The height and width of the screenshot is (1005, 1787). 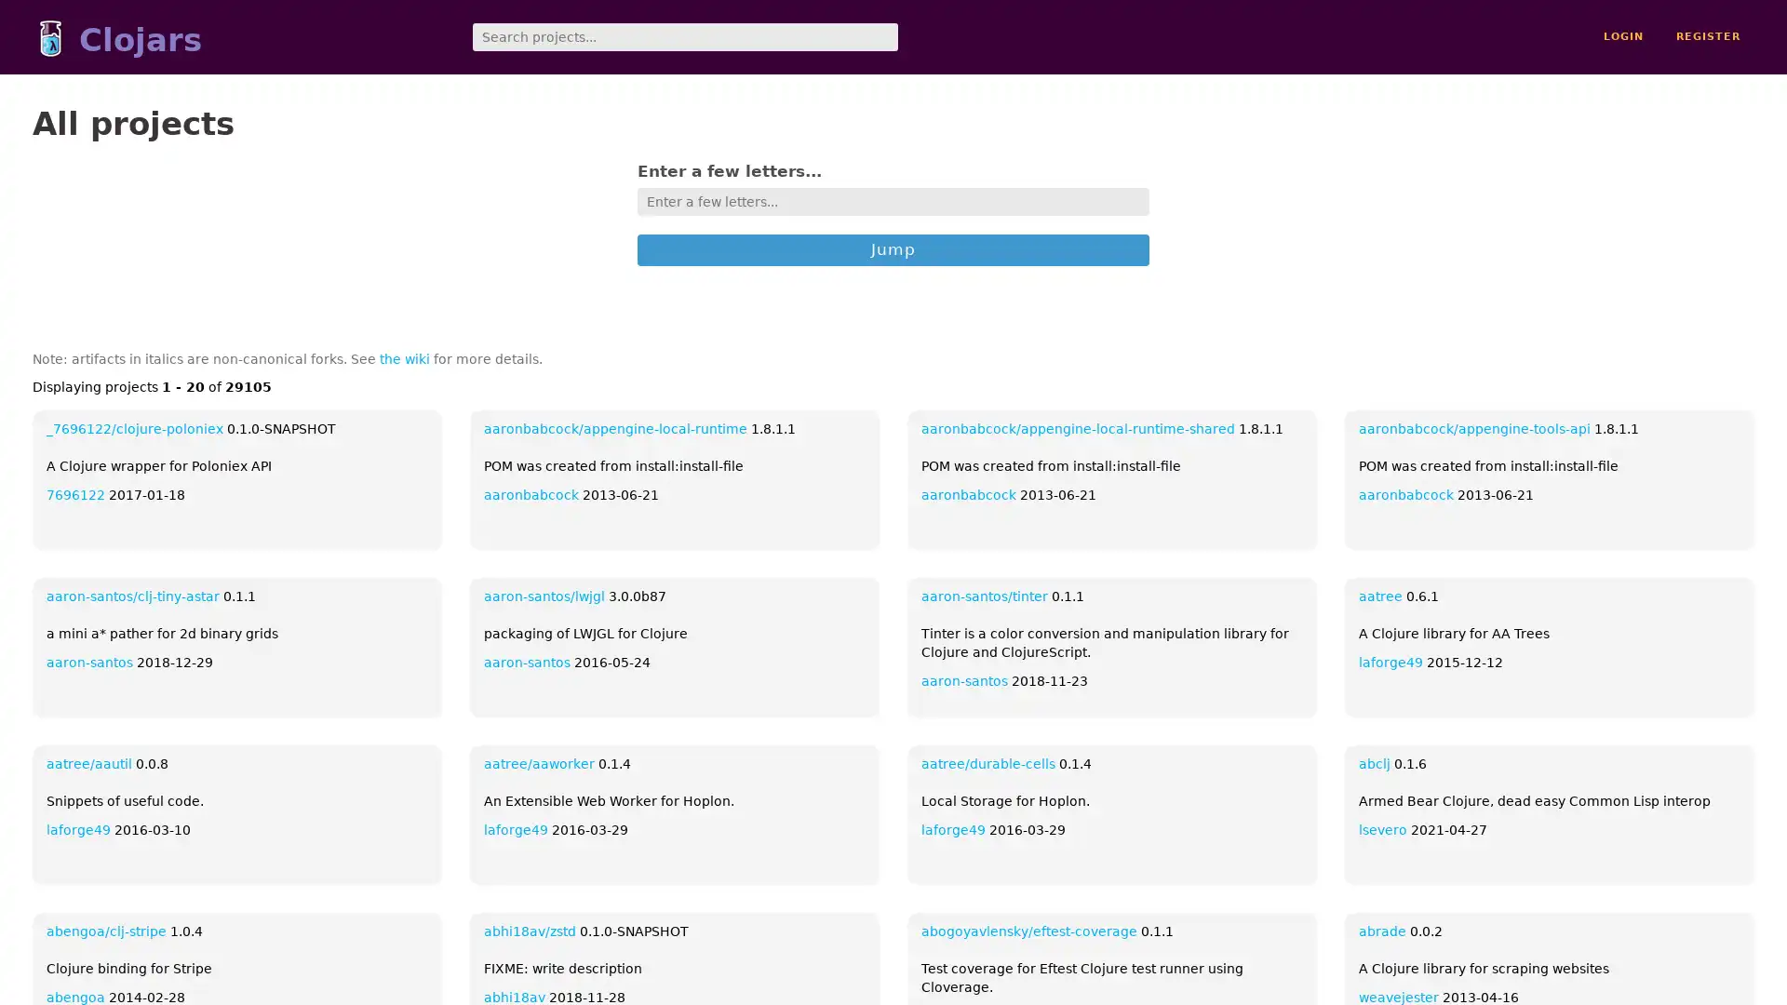 What do you see at coordinates (893, 248) in the screenshot?
I see `Jump` at bounding box center [893, 248].